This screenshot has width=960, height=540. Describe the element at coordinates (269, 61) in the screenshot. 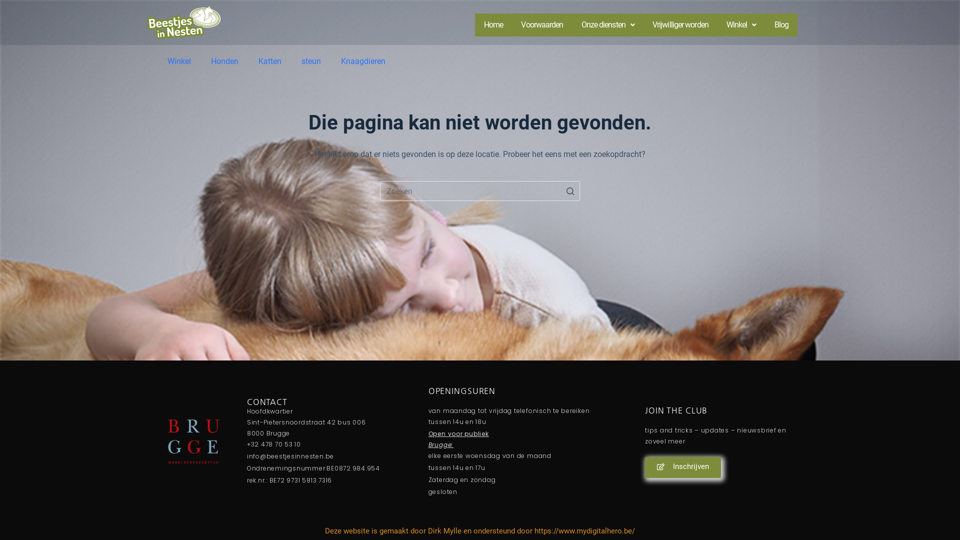

I see `'Katten'` at that location.